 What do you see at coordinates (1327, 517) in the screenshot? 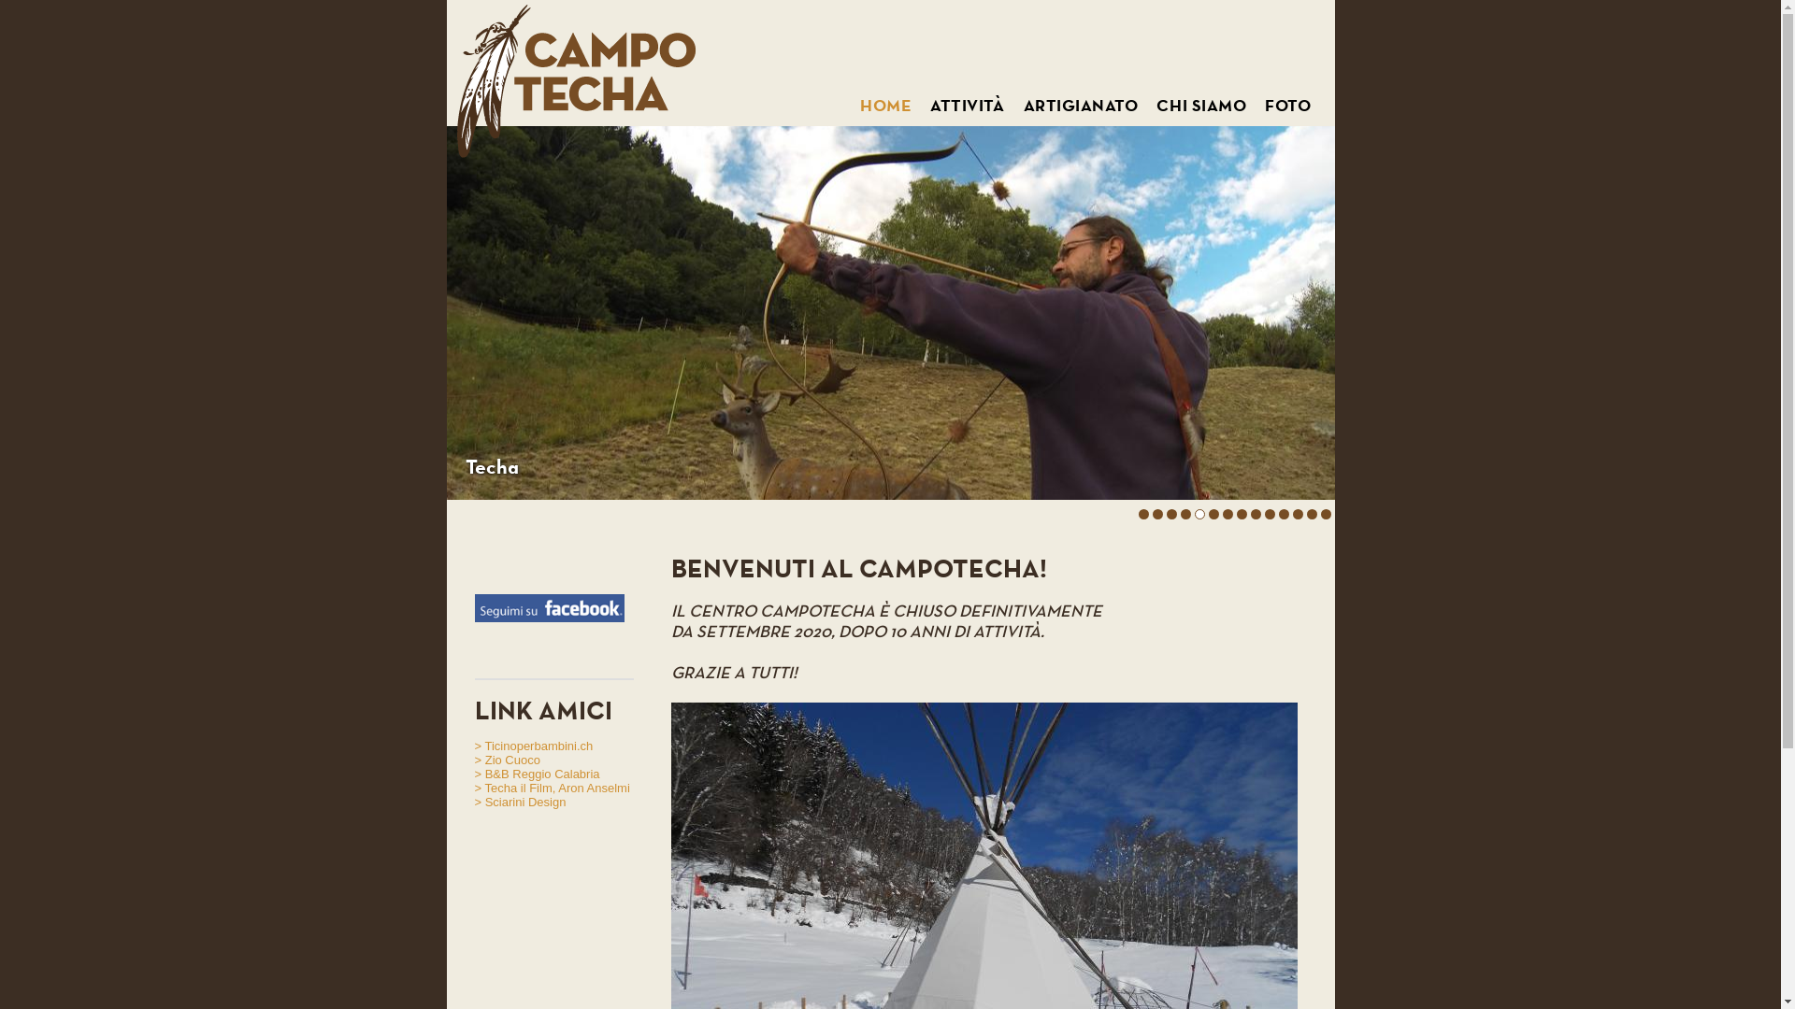
I see `'14'` at bounding box center [1327, 517].